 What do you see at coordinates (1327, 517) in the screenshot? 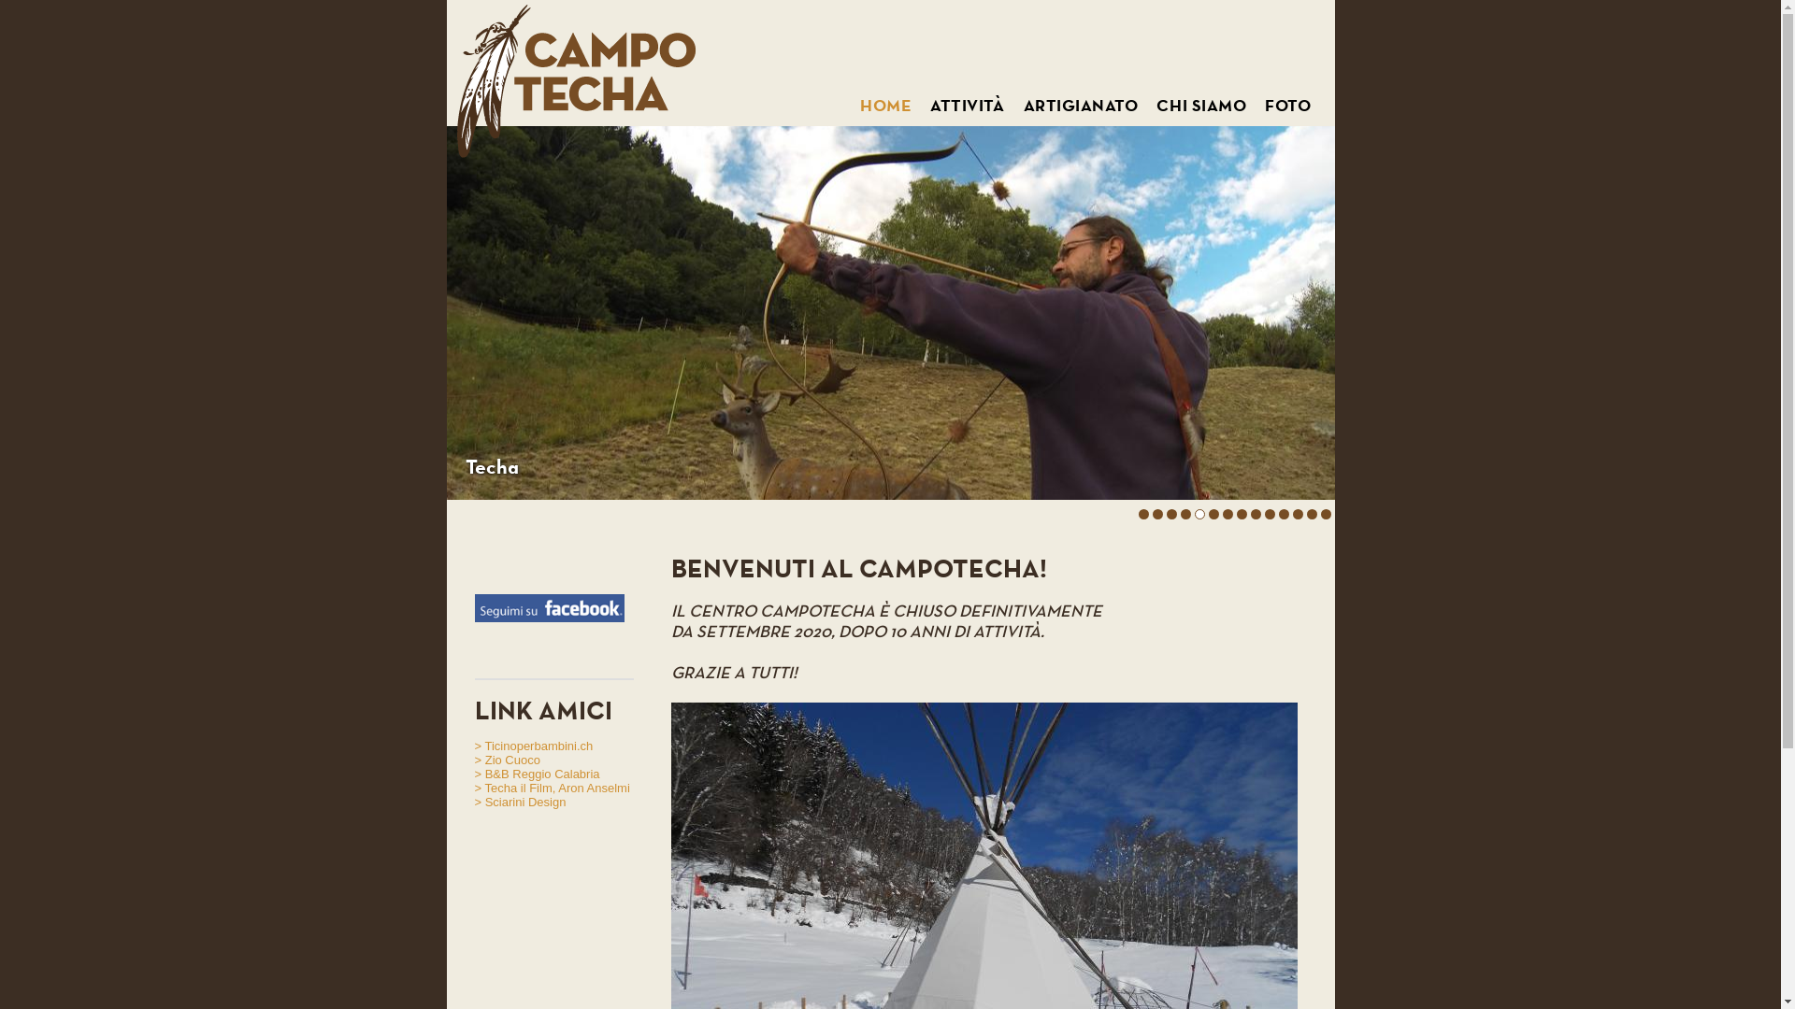
I see `'14'` at bounding box center [1327, 517].